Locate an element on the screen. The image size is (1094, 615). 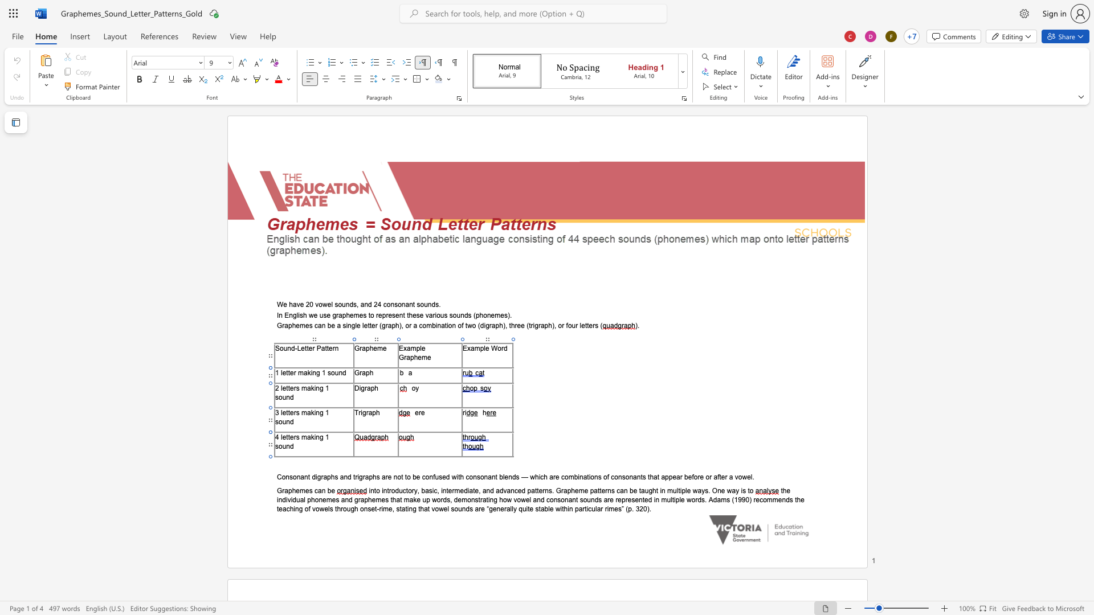
the space between the continuous character "r" and "e" in the text is located at coordinates (481, 508).